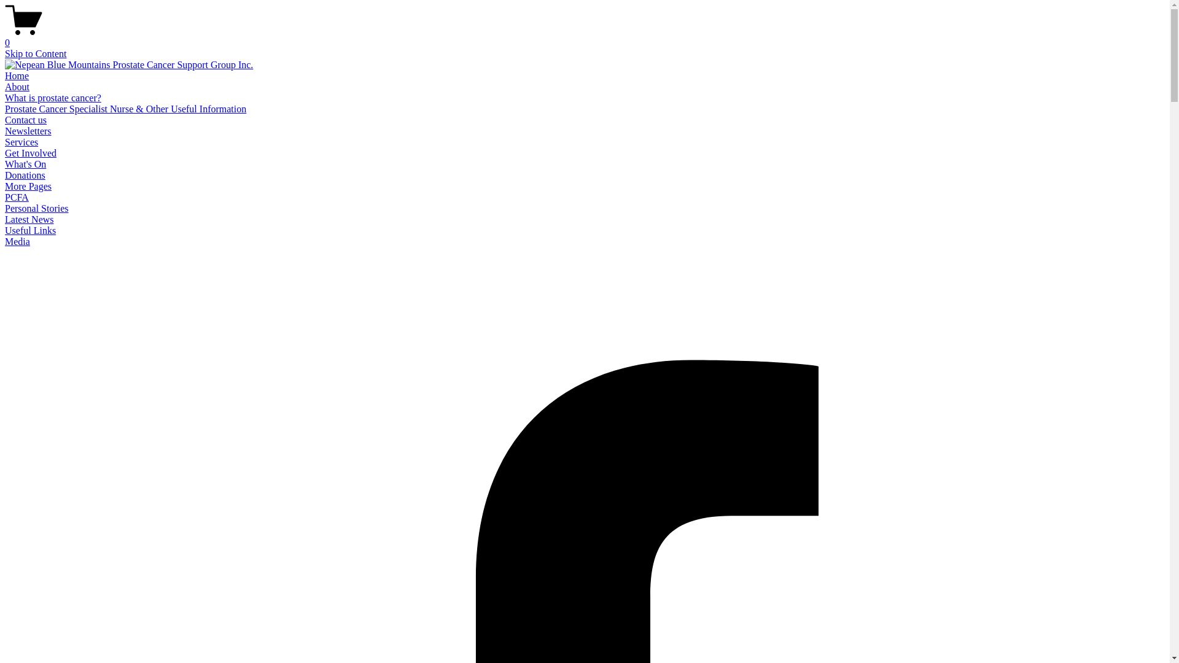 The height and width of the screenshot is (663, 1179). Describe the element at coordinates (5, 163) in the screenshot. I see `'What's On'` at that location.